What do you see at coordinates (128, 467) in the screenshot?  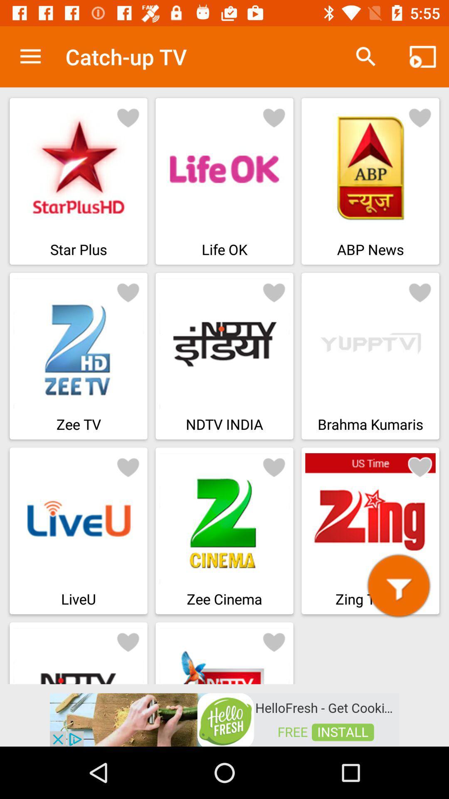 I see `heart button for liveu` at bounding box center [128, 467].